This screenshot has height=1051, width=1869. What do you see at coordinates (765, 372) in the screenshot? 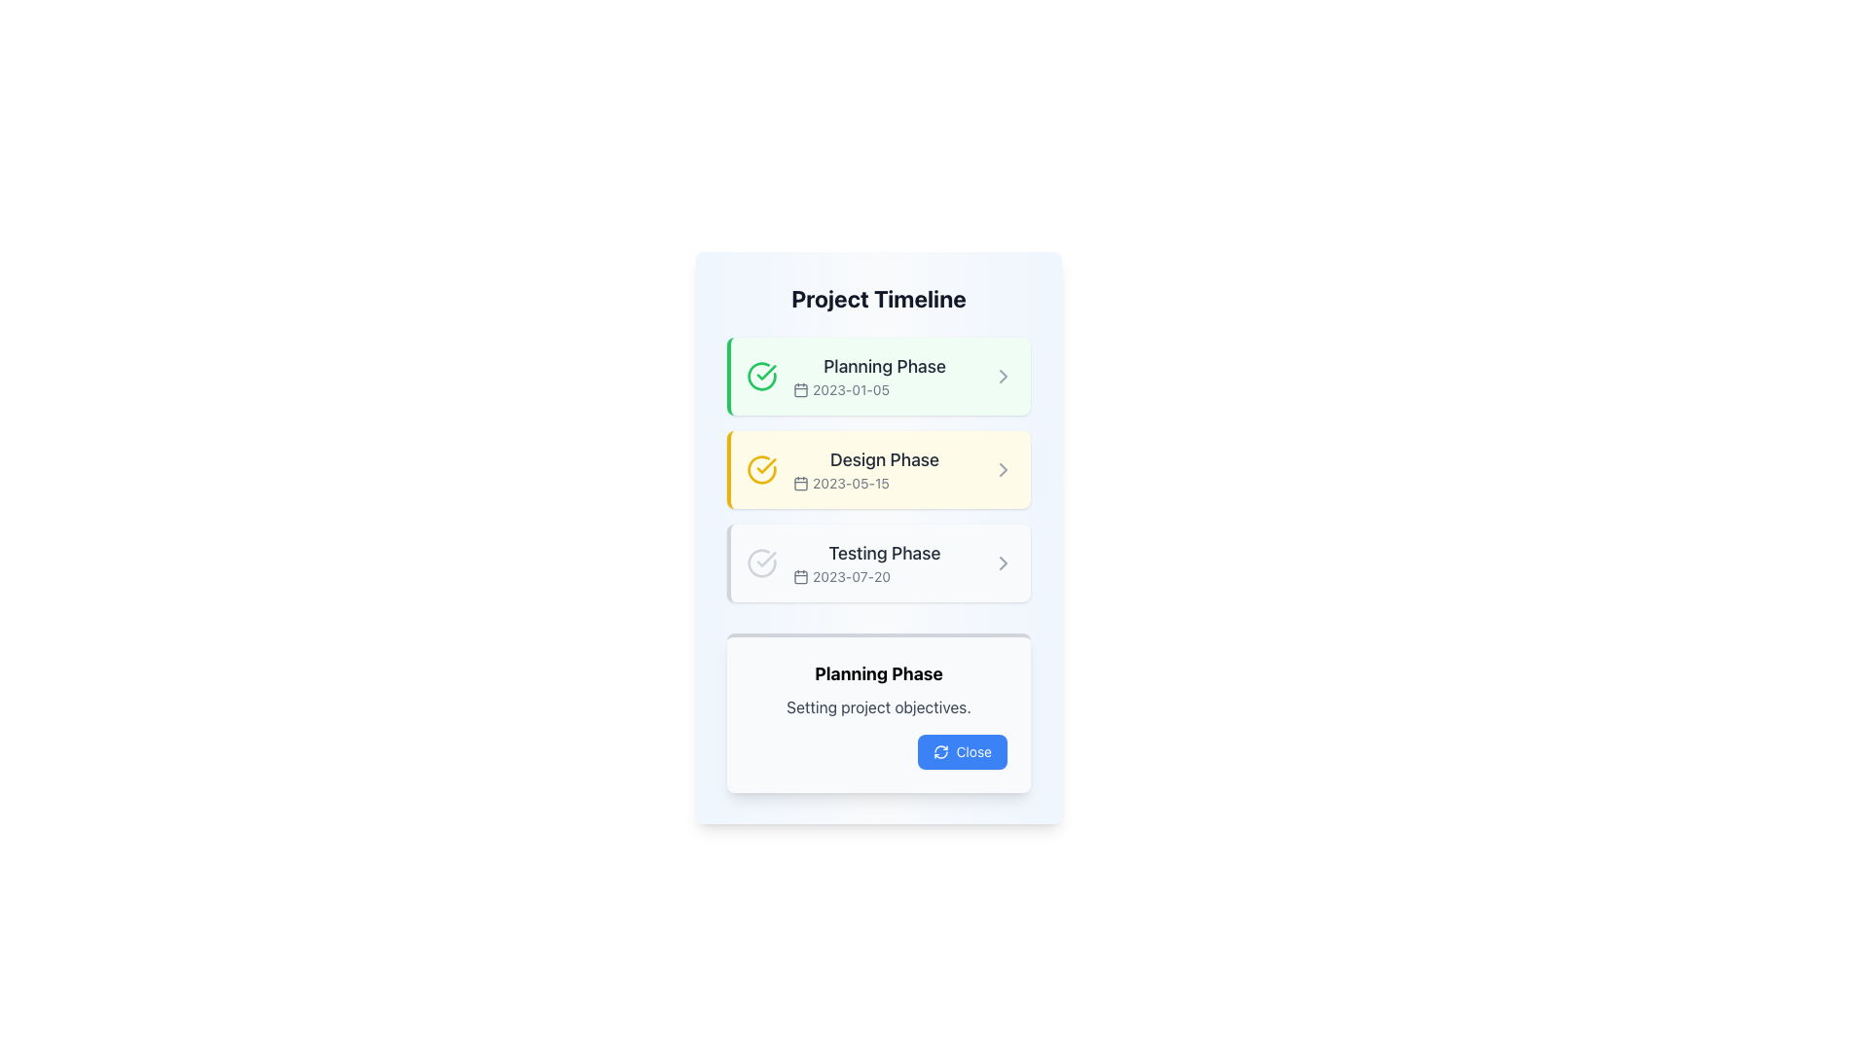
I see `the SVG Checkmark icon representing the completed status of the Planning Phase` at bounding box center [765, 372].